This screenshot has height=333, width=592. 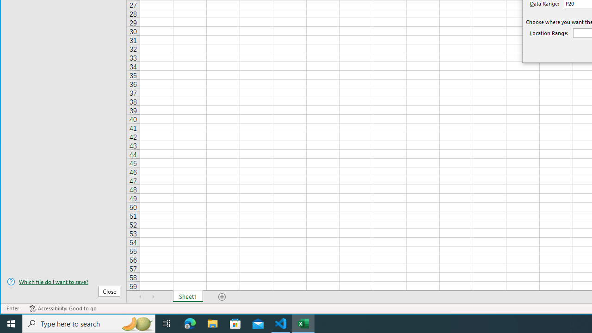 I want to click on 'Which file do I want to save?', so click(x=63, y=281).